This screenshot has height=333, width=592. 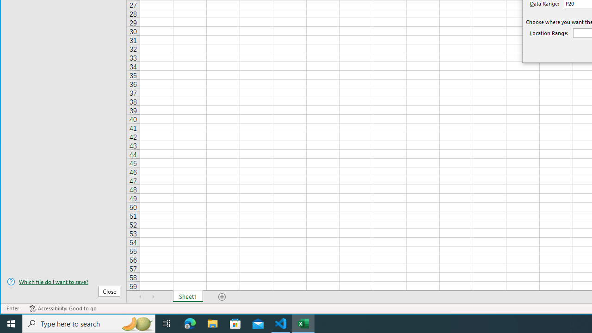 I want to click on 'Which file do I want to save?', so click(x=63, y=281).